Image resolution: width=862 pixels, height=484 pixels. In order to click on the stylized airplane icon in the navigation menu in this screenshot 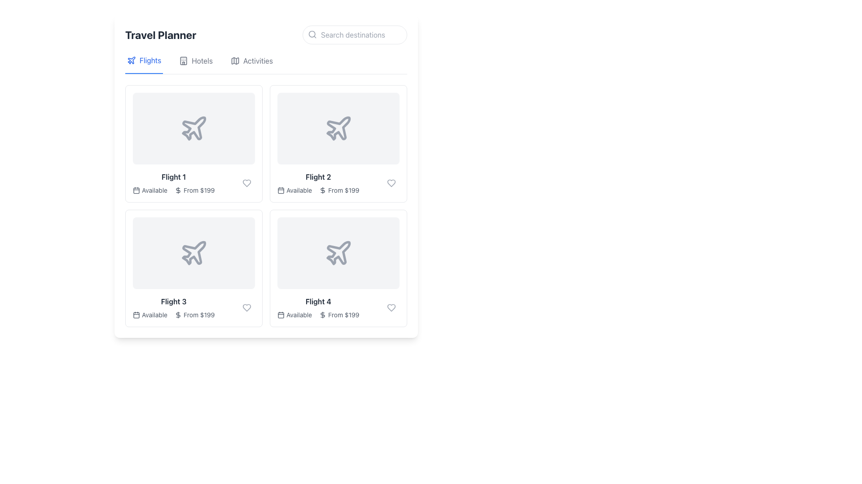, I will do `click(131, 60)`.